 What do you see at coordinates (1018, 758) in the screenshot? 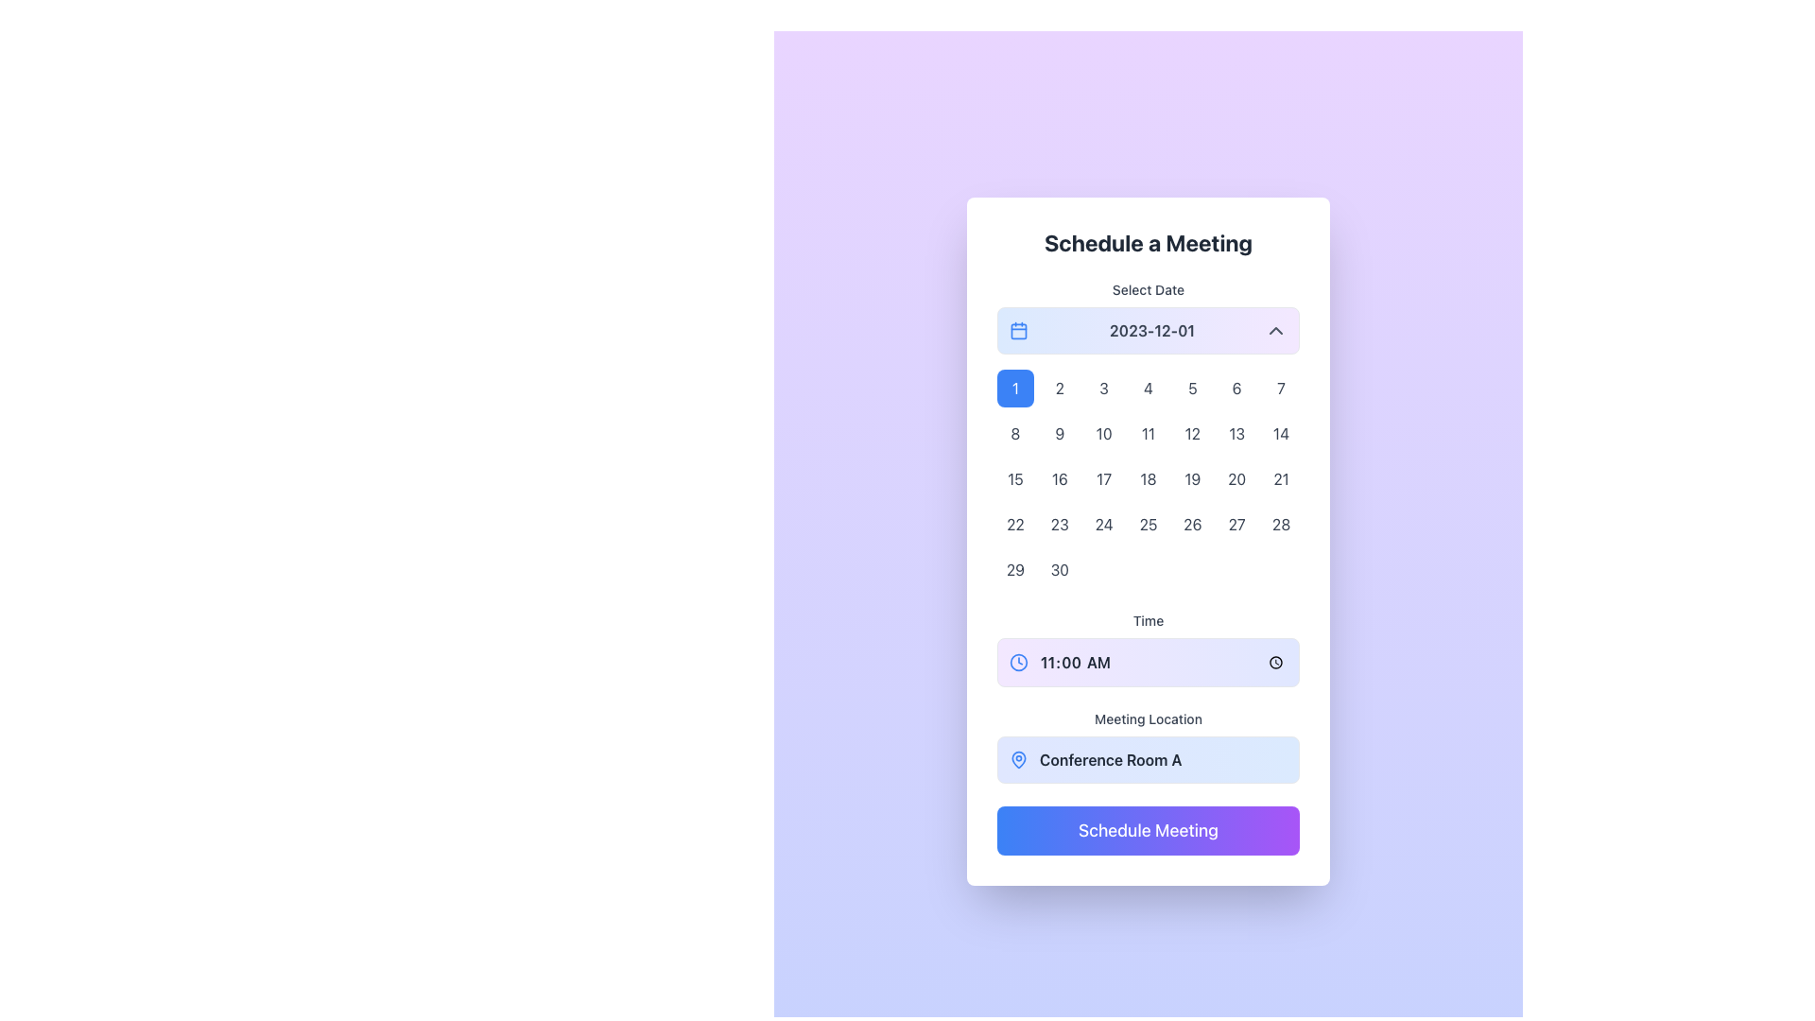
I see `the blue pin icon resembling a map marker located to the left of the 'Meeting Location' input field, preceding the text input displaying 'Conference Room A'` at bounding box center [1018, 758].